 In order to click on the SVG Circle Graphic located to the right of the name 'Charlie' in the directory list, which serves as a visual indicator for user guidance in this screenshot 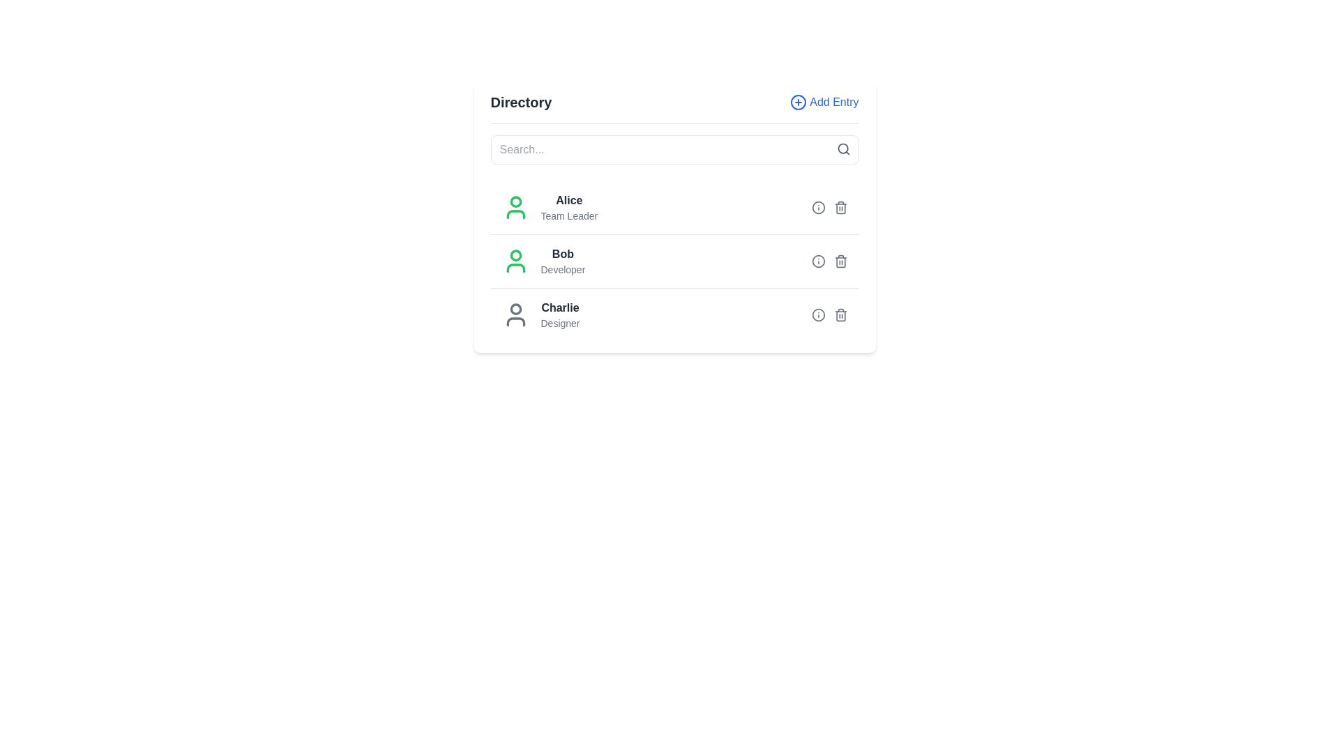, I will do `click(818, 314)`.